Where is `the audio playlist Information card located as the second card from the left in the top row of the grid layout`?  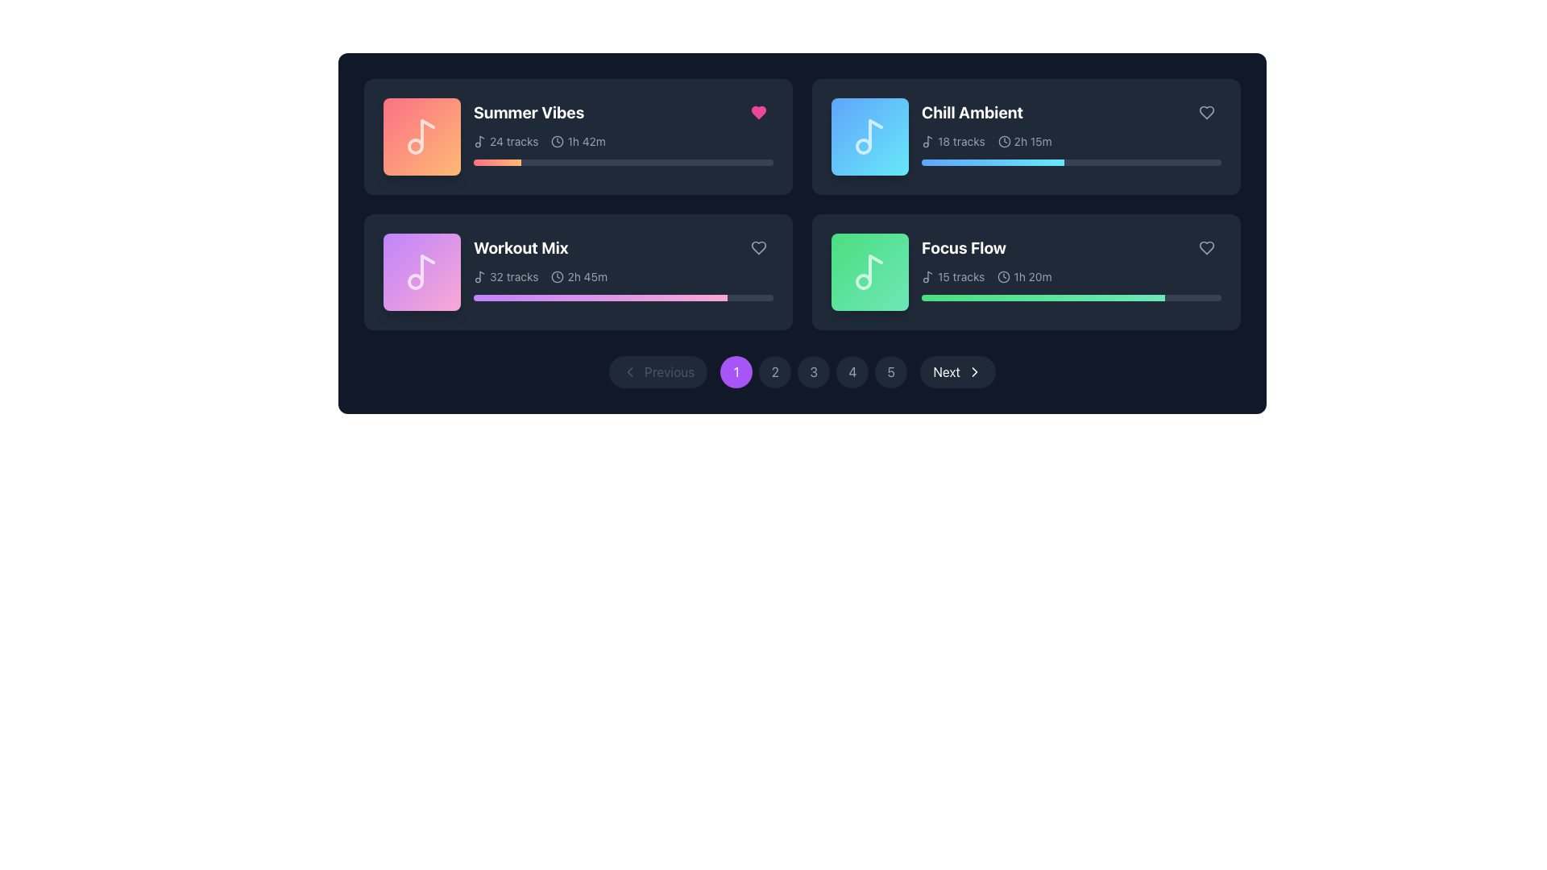 the audio playlist Information card located as the second card from the left in the top row of the grid layout is located at coordinates (1071, 131).